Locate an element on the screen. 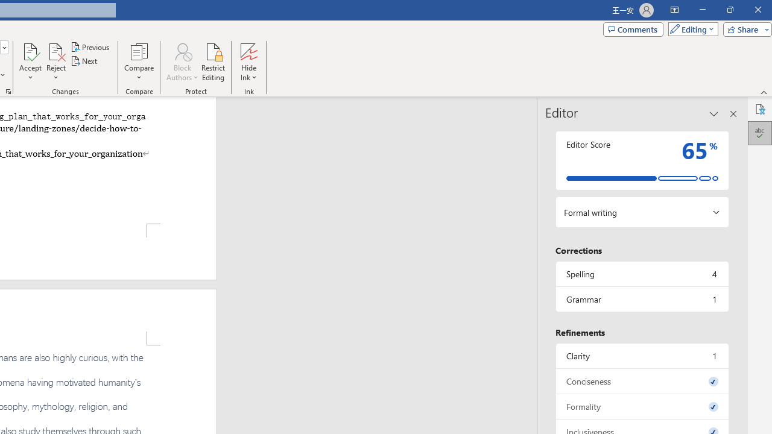 The width and height of the screenshot is (772, 434). 'Comments' is located at coordinates (632, 28).